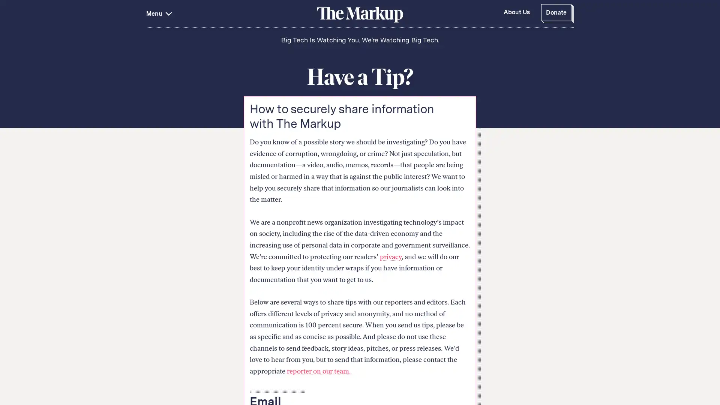 Image resolution: width=720 pixels, height=405 pixels. Describe the element at coordinates (230, 13) in the screenshot. I see `Site menu` at that location.